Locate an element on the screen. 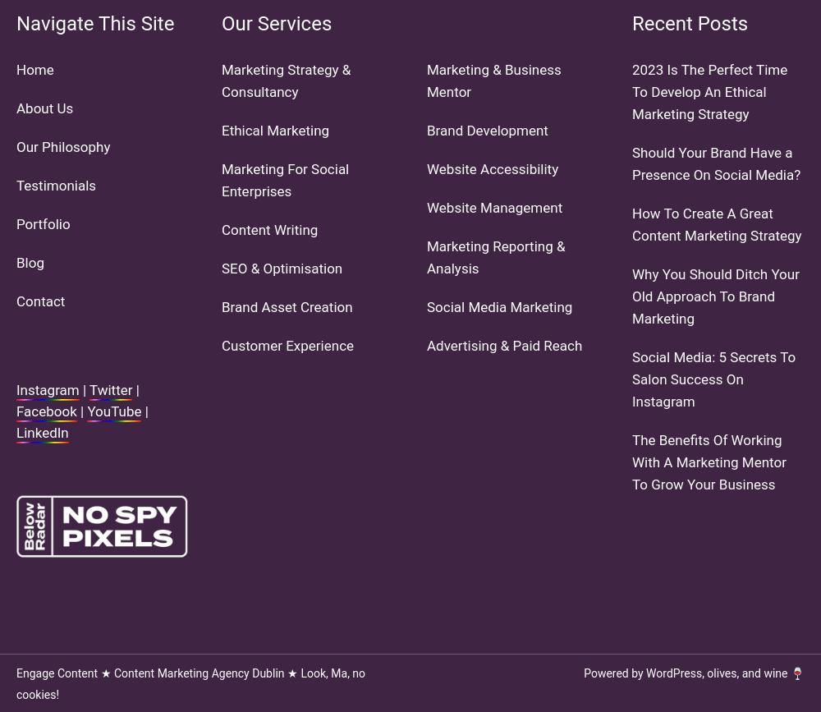 This screenshot has height=712, width=821. 'Blog' is located at coordinates (30, 261).